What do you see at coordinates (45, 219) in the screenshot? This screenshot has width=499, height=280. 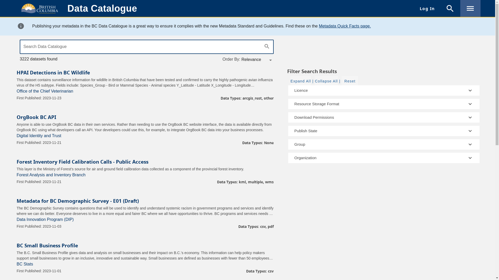 I see `'Data Innovation Program (DIP)'` at bounding box center [45, 219].